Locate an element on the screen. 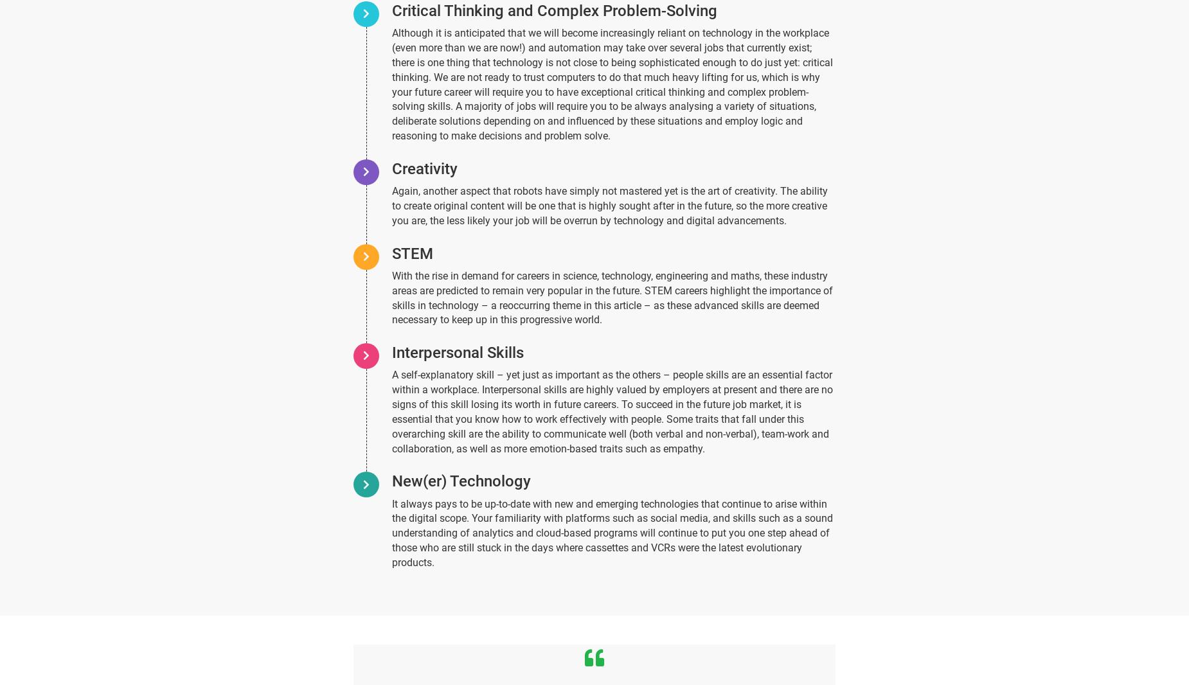 Image resolution: width=1189 pixels, height=685 pixels. 'With the rise in demand for careers in science, technology, engineering and maths, these industry areas are predicted to remain very popular in the future. STEM careers highlight the importance of skills in technology – a reoccurring theme in this article – as these advanced skills are deemed necessary to keep up in this progressive world.' is located at coordinates (611, 297).